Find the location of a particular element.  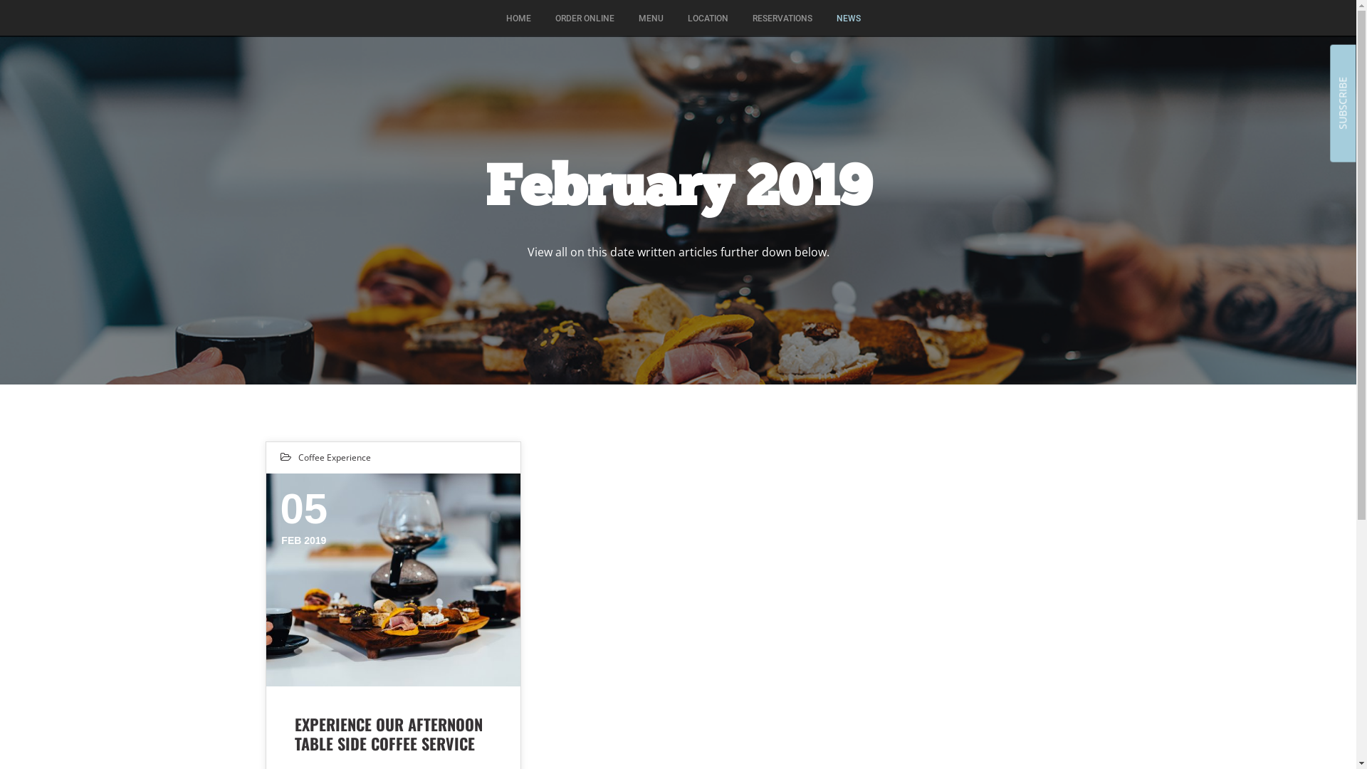

'ORDER ONLINE' is located at coordinates (543, 19).